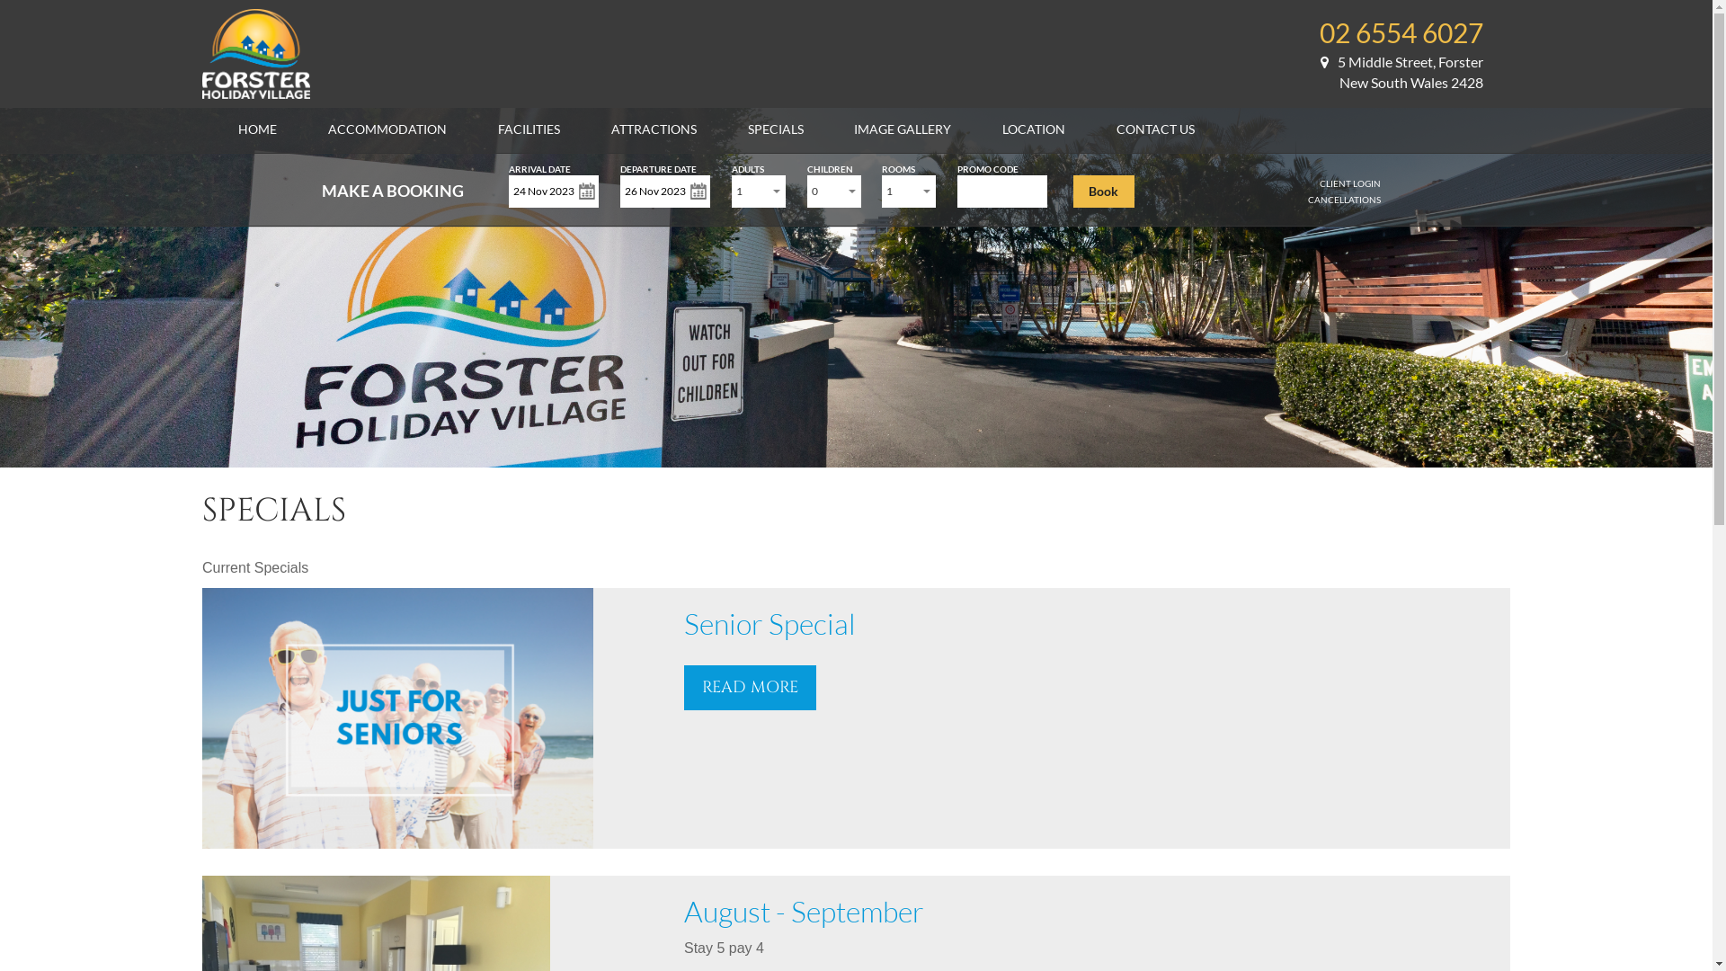  What do you see at coordinates (1344, 200) in the screenshot?
I see `'CANCELLATIONS'` at bounding box center [1344, 200].